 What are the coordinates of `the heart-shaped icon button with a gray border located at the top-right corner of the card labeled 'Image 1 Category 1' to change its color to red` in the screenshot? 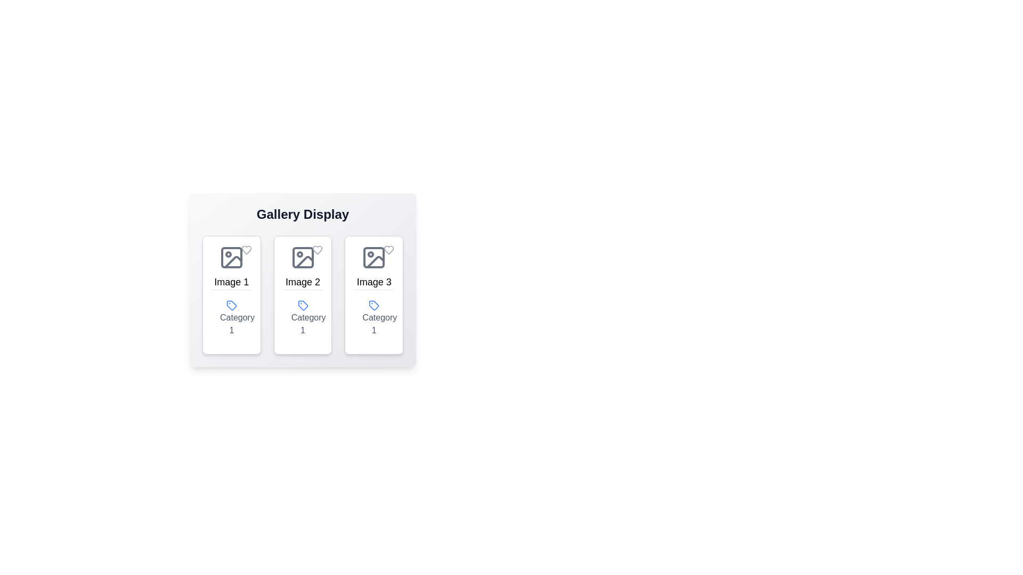 It's located at (246, 250).